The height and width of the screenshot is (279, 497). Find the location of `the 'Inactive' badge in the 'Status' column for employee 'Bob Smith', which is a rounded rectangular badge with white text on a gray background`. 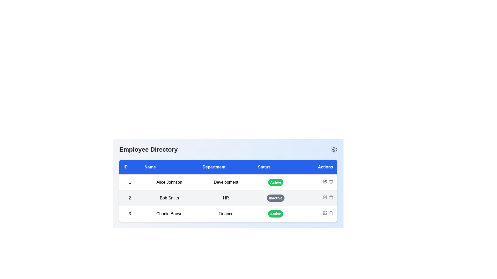

the 'Inactive' badge in the 'Status' column for employee 'Bob Smith', which is a rounded rectangular badge with white text on a gray background is located at coordinates (275, 198).